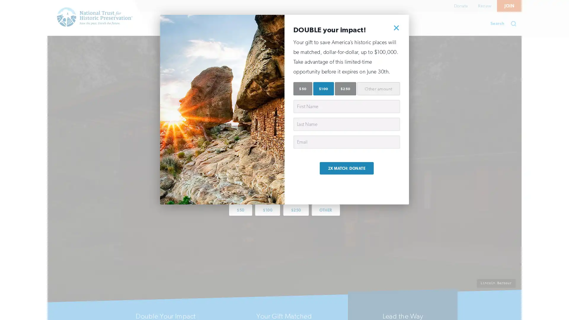 This screenshot has height=320, width=569. What do you see at coordinates (180, 23) in the screenshot?
I see `Open Save Places section of the nav` at bounding box center [180, 23].